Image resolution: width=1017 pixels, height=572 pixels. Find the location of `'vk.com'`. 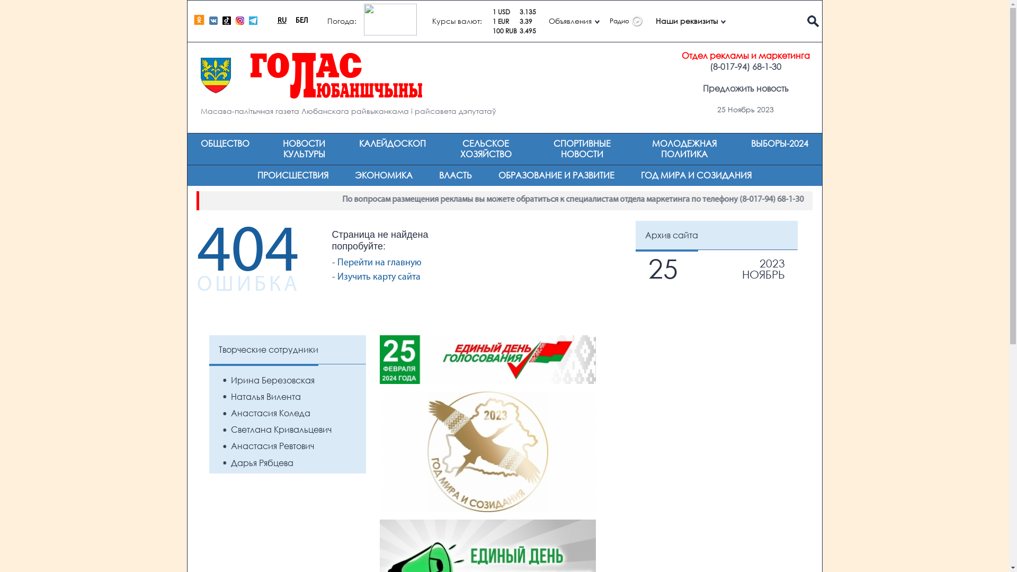

'vk.com' is located at coordinates (215, 23).